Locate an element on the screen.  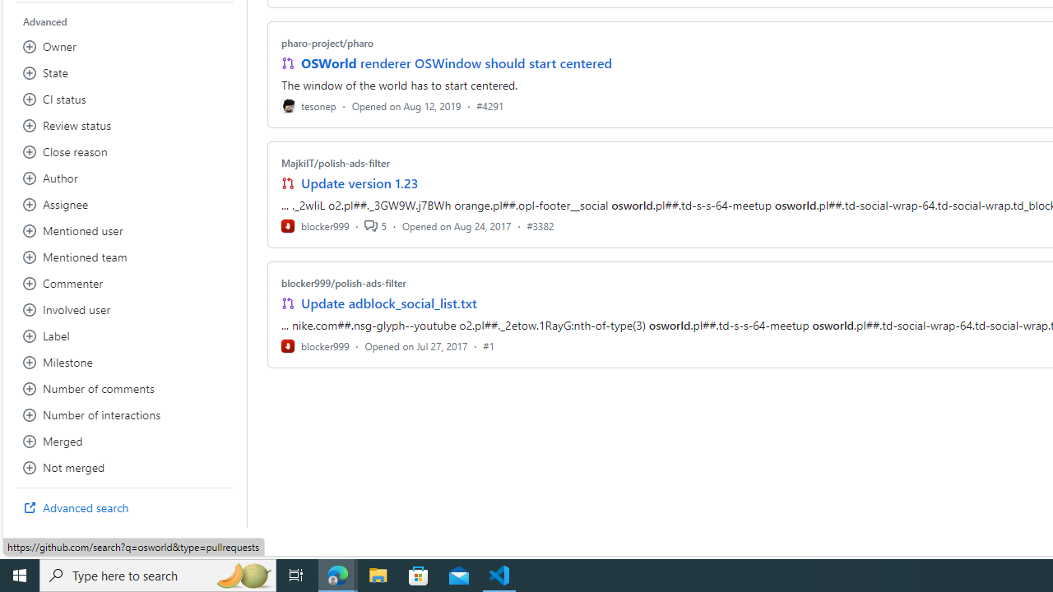
'tesonep' is located at coordinates (308, 105).